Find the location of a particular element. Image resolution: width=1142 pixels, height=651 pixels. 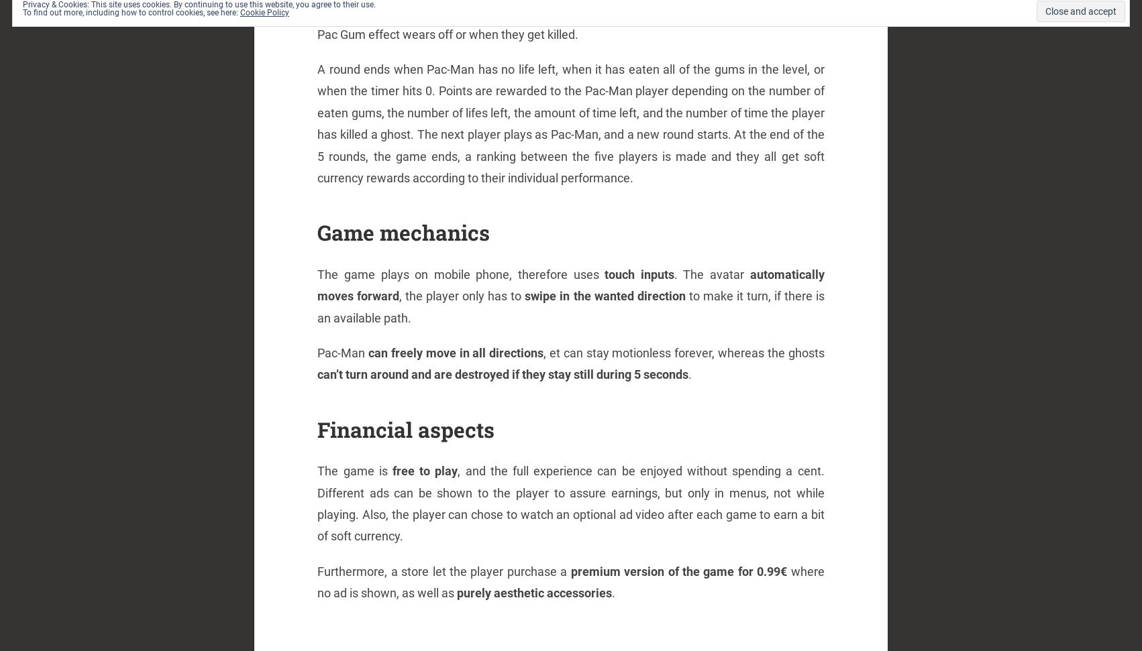

'touch inputs' is located at coordinates (639, 273).